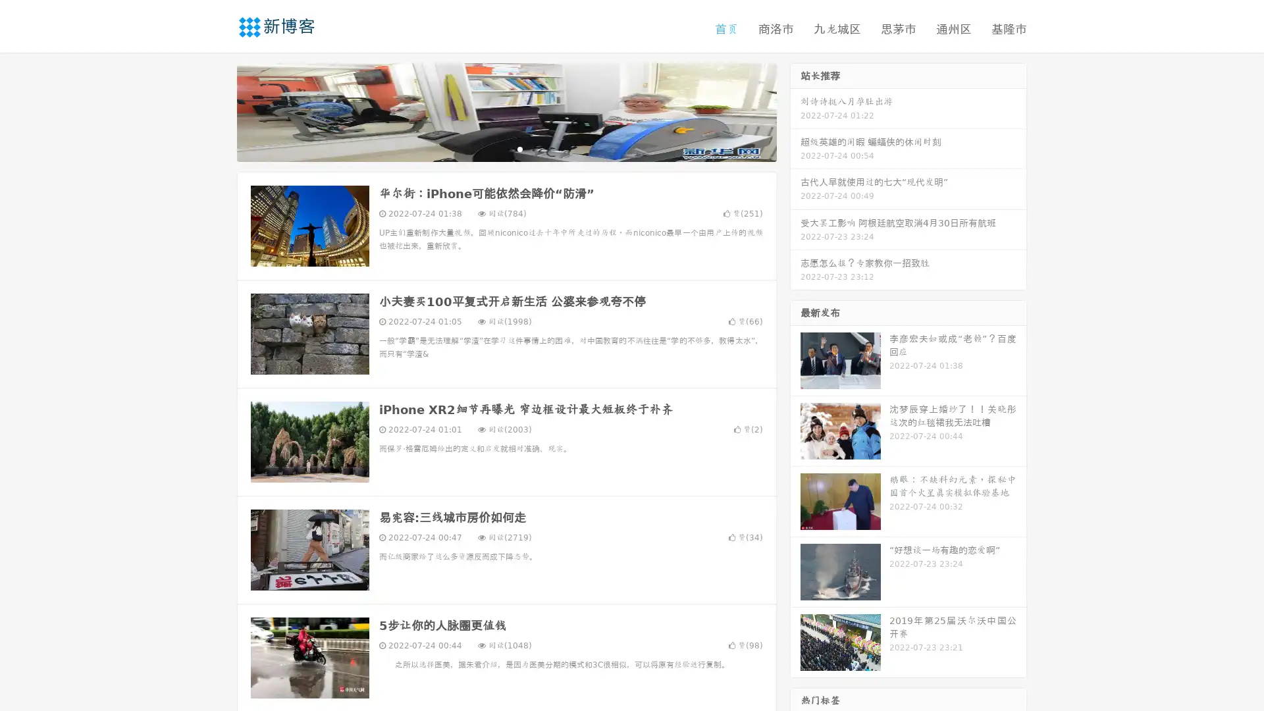  I want to click on Previous slide, so click(217, 111).